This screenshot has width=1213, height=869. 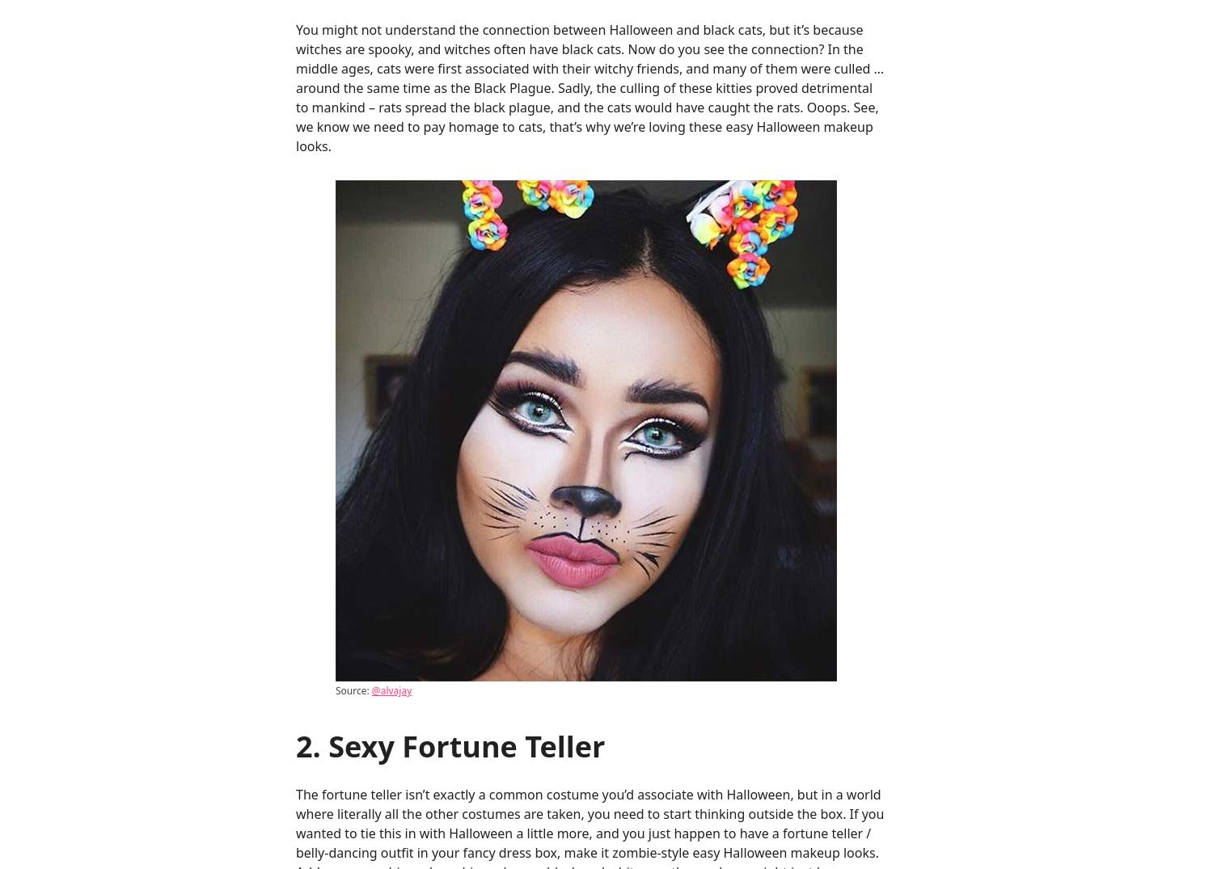 I want to click on 'Comment', so click(x=328, y=320).